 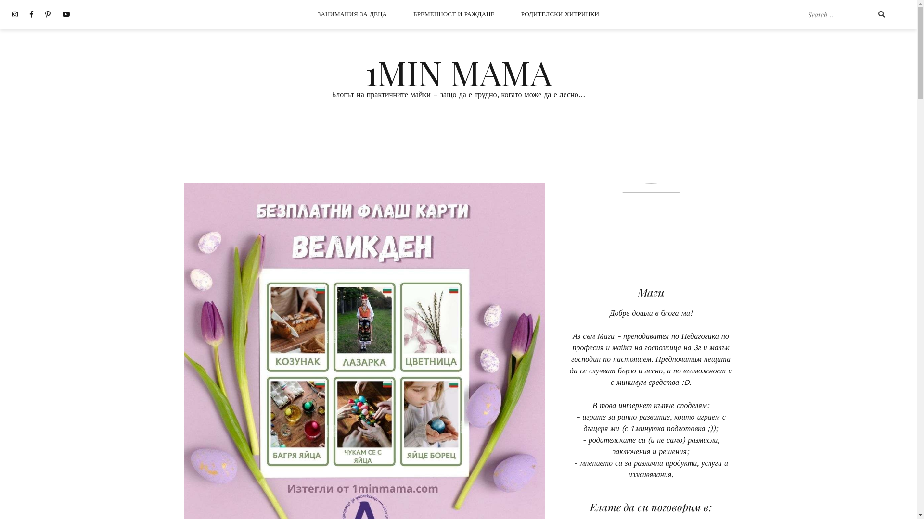 What do you see at coordinates (66, 14) in the screenshot?
I see `'Youtube'` at bounding box center [66, 14].